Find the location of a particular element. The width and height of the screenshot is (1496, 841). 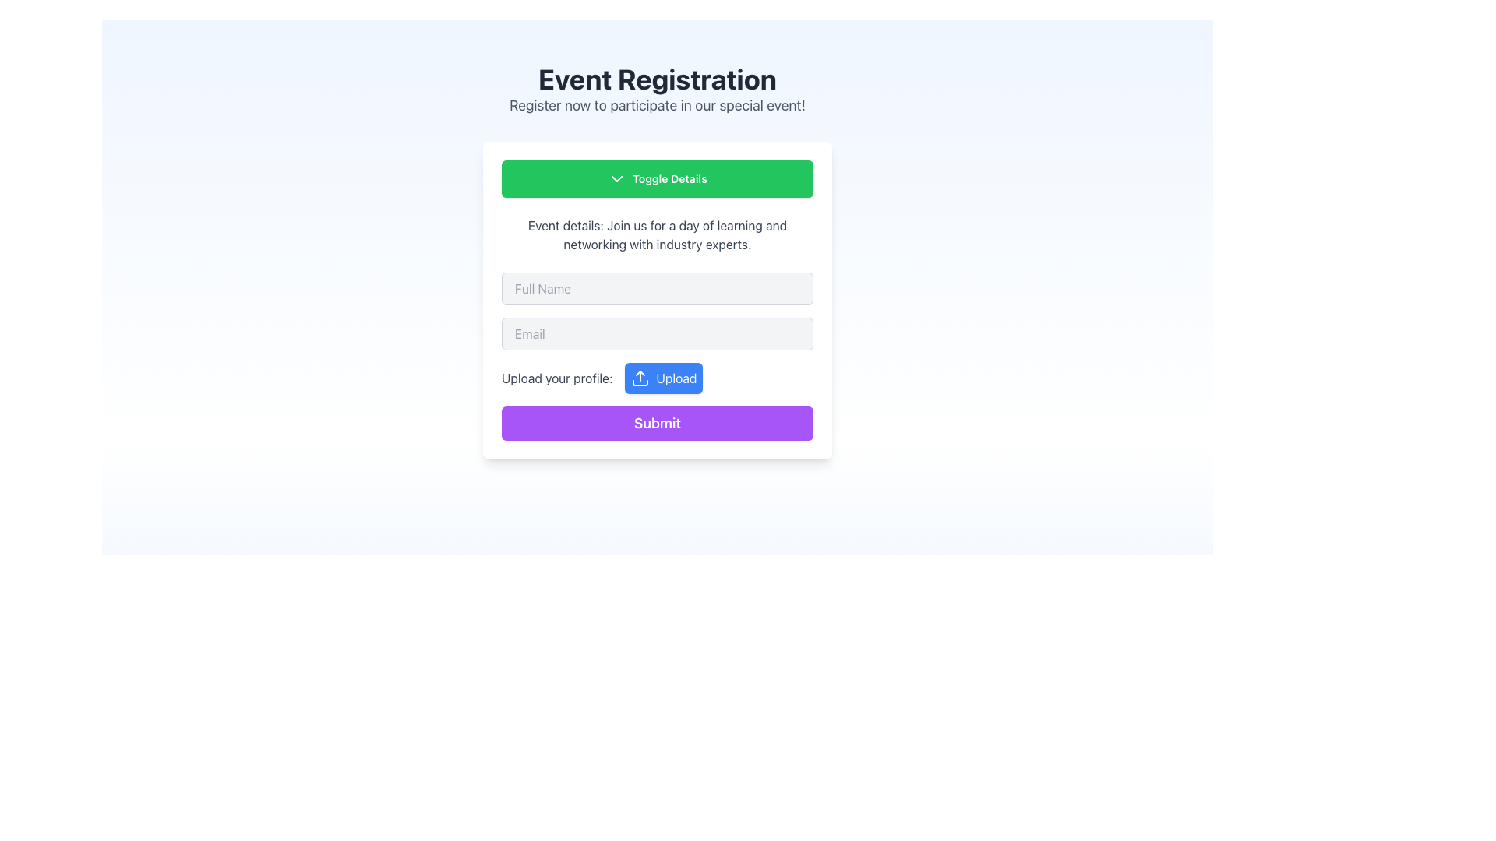

the text display element that reads 'Event details: Join us for a day of learning and networking with industry experts.' which is styled in gray color and positioned below the 'Toggle Details' button is located at coordinates (658, 234).